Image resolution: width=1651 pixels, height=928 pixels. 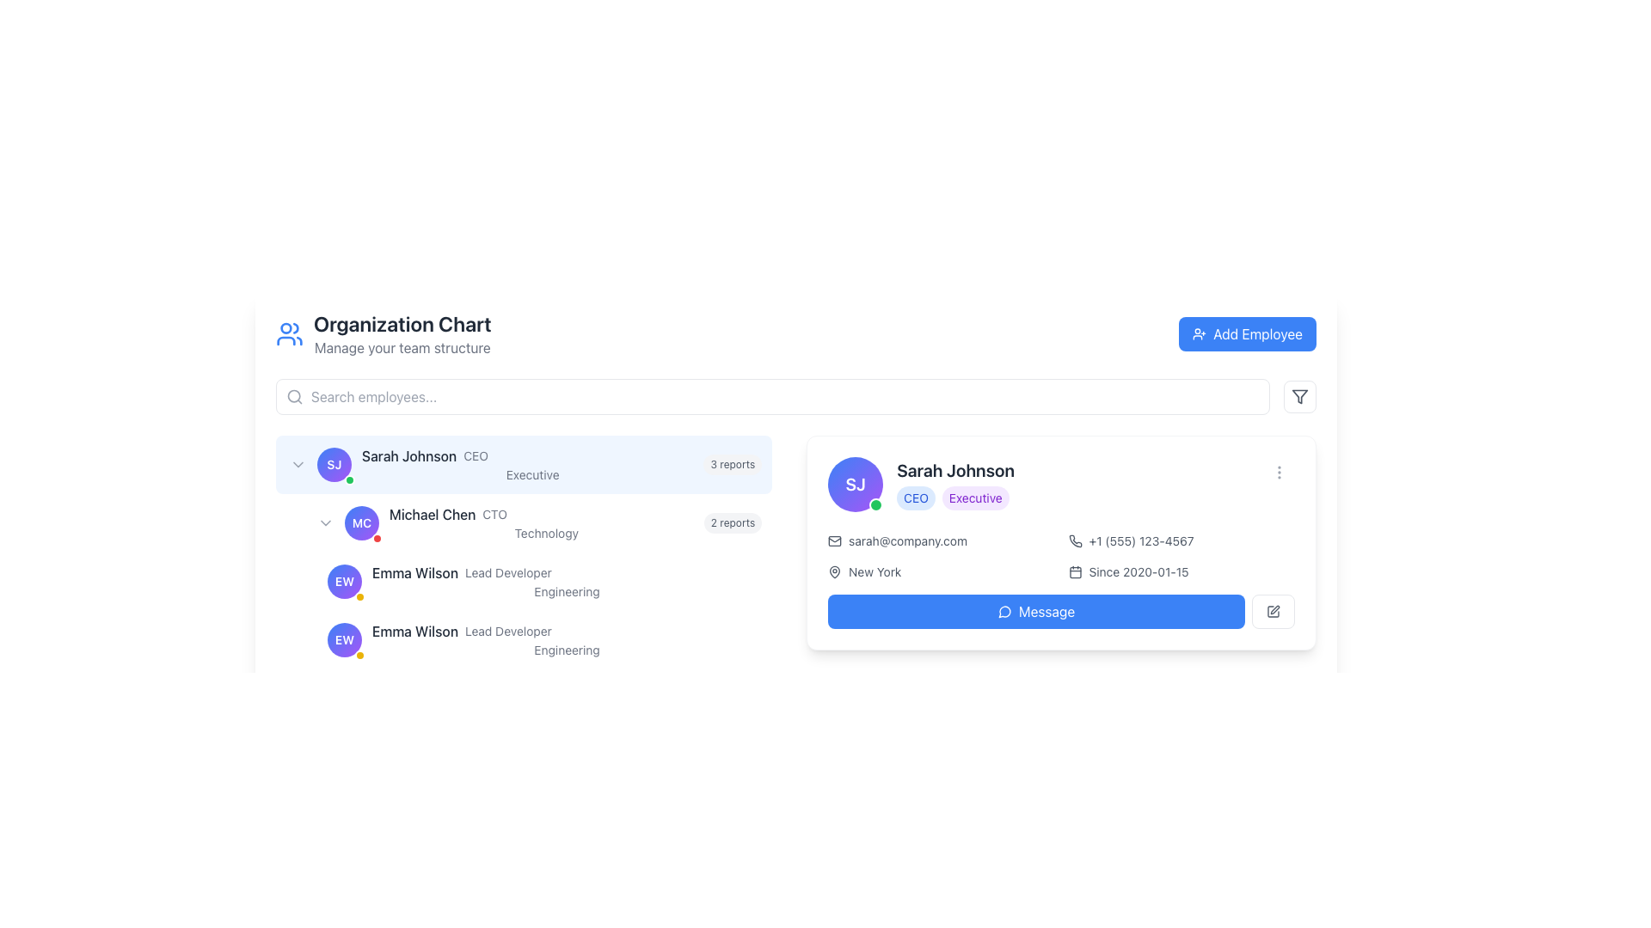 What do you see at coordinates (954, 470) in the screenshot?
I see `name displayed in the bold text label 'Sarah Johnson' located at the top of the profile card on the right side of the interface` at bounding box center [954, 470].